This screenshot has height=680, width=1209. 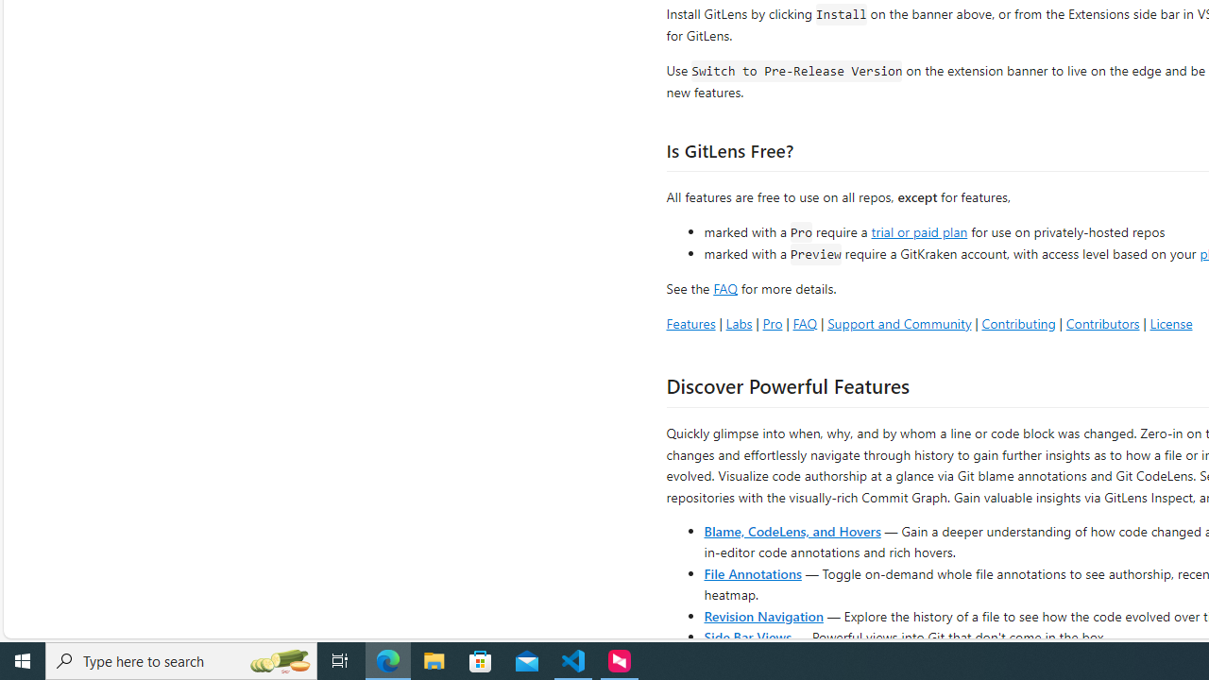 I want to click on 'Labs', so click(x=738, y=322).